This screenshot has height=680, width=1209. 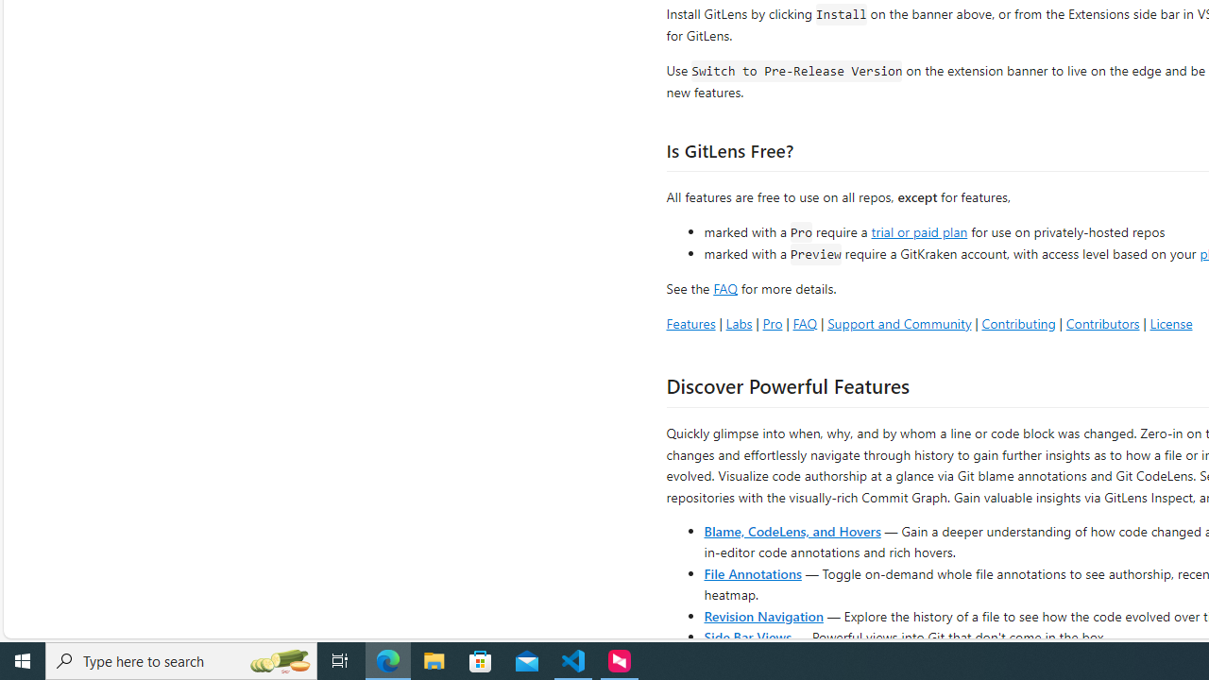 I want to click on 'Labs', so click(x=738, y=322).